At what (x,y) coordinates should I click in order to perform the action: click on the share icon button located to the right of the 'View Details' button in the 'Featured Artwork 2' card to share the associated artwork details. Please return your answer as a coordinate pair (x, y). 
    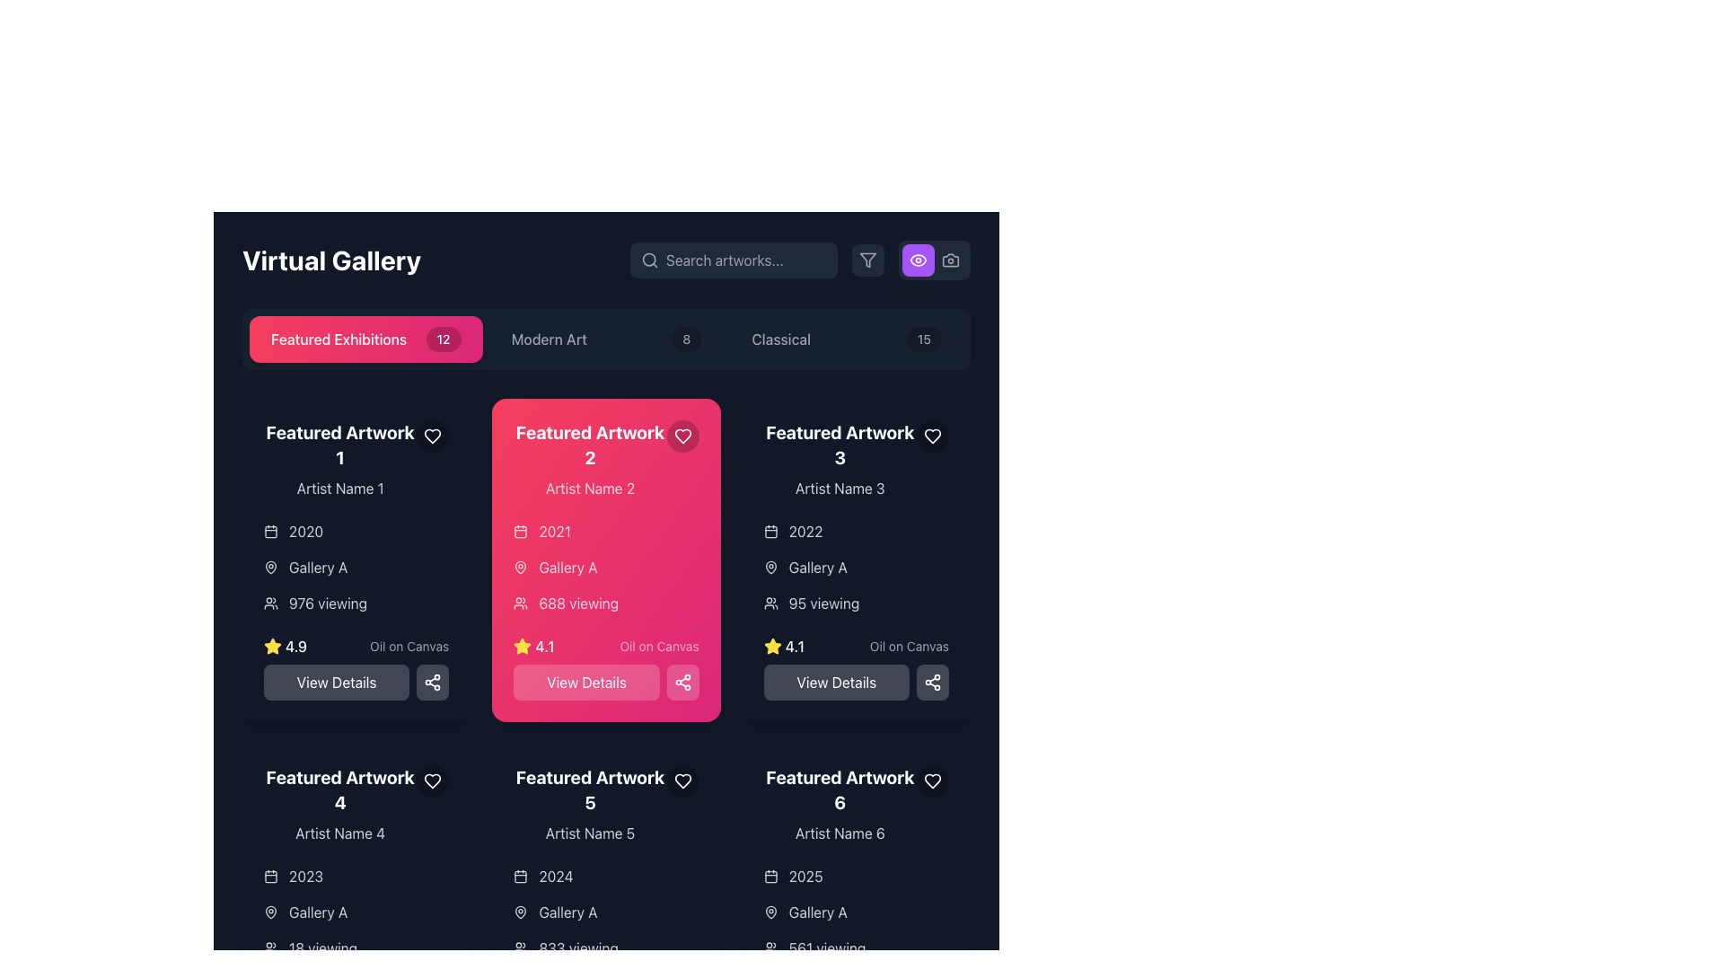
    Looking at the image, I should click on (433, 682).